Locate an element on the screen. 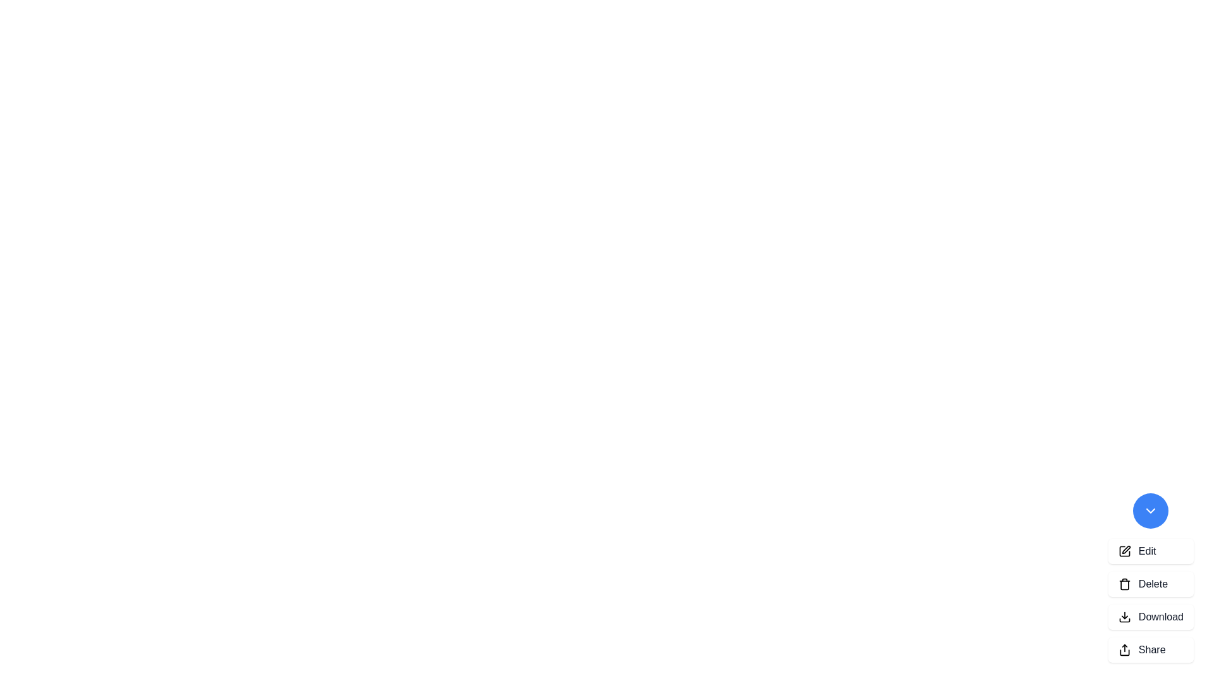  the blue button to toggle the visibility of the speed dial options is located at coordinates (1150, 510).